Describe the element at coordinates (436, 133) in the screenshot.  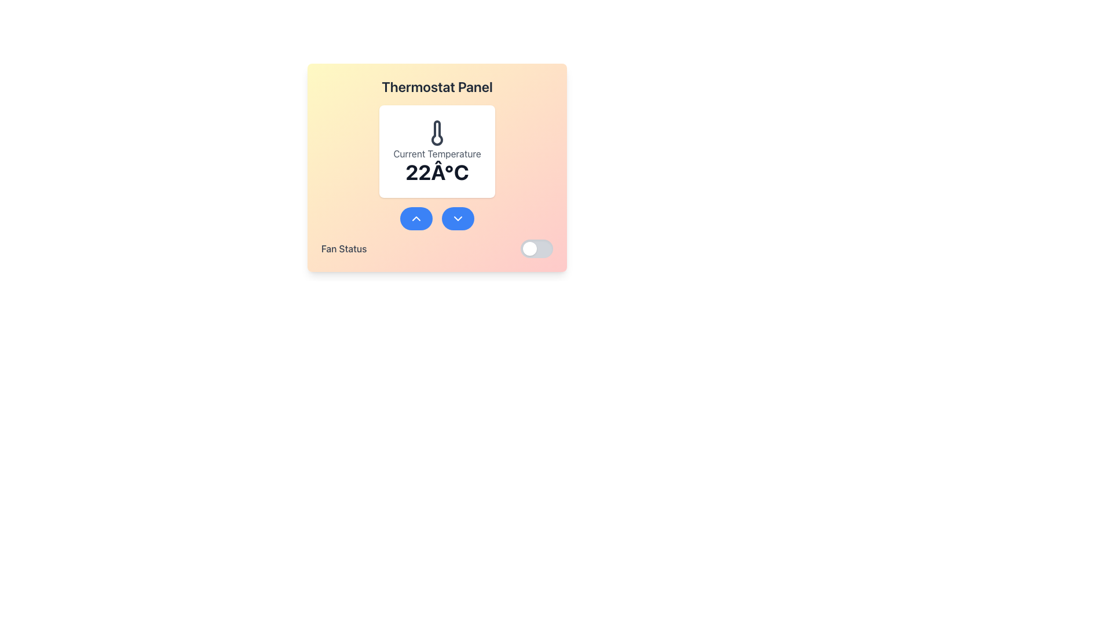
I see `the dark gray SVG graphic element resembling a thermometer, which is centered at the top of the information card above the 'Current Temperature' text` at that location.